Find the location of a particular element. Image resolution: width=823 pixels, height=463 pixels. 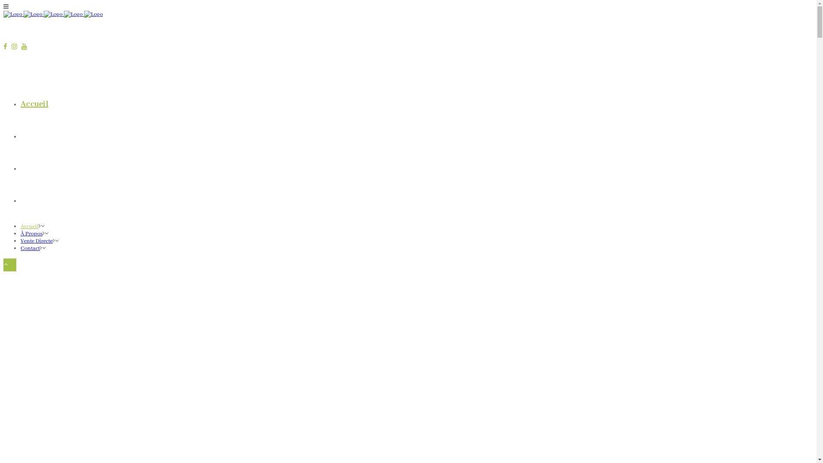

'Vente Directe' is located at coordinates (45, 168).